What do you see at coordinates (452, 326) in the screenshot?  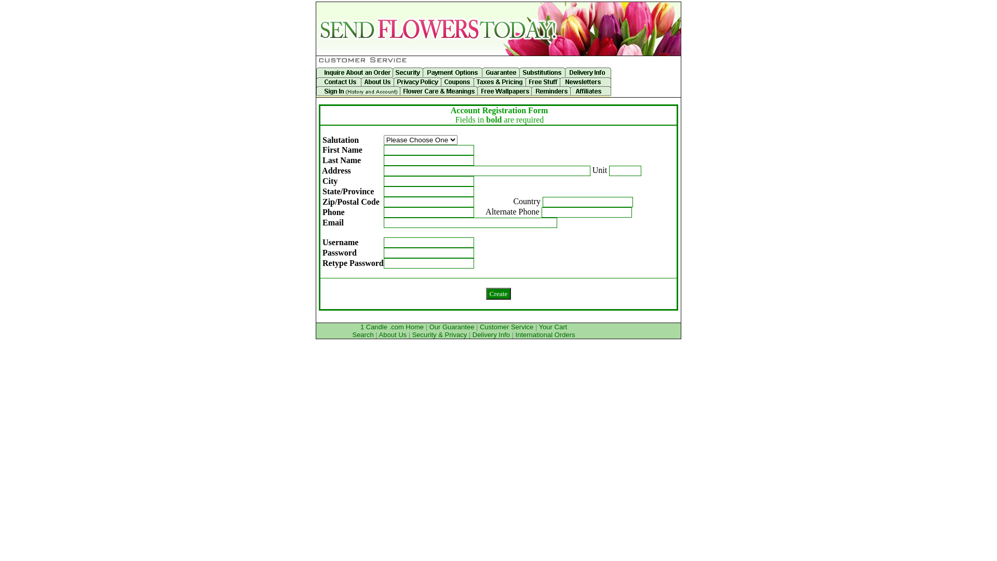 I see `'Our Guarantee'` at bounding box center [452, 326].